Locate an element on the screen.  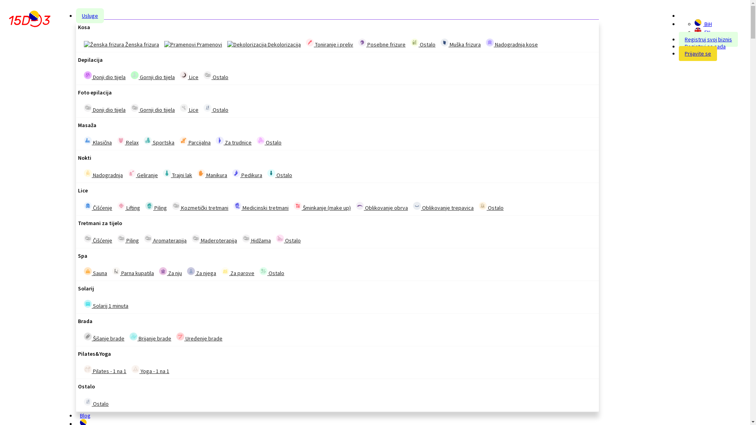
'Maderoterapija' is located at coordinates (191, 238).